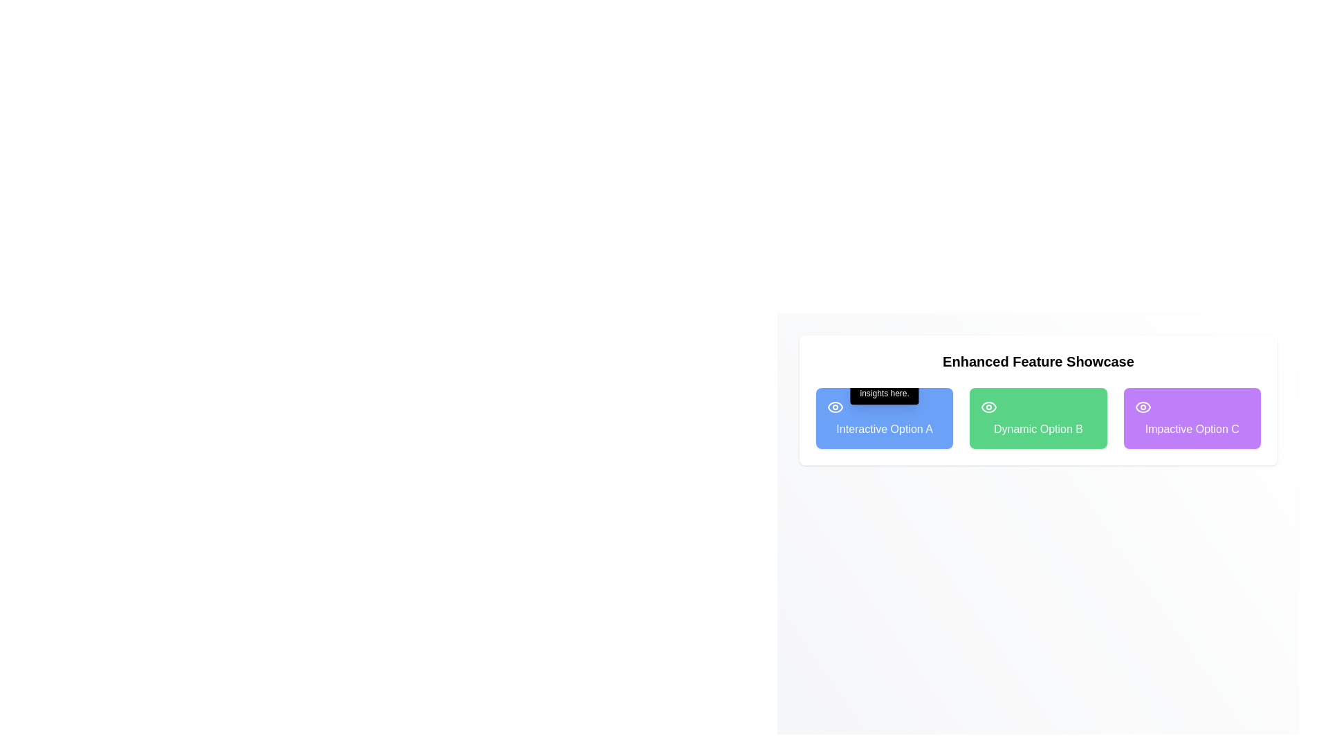 This screenshot has height=747, width=1328. I want to click on the eye icon located in the upper left quadrant of the 'Interactive Option A' card to visually associate it with the card, so click(835, 407).